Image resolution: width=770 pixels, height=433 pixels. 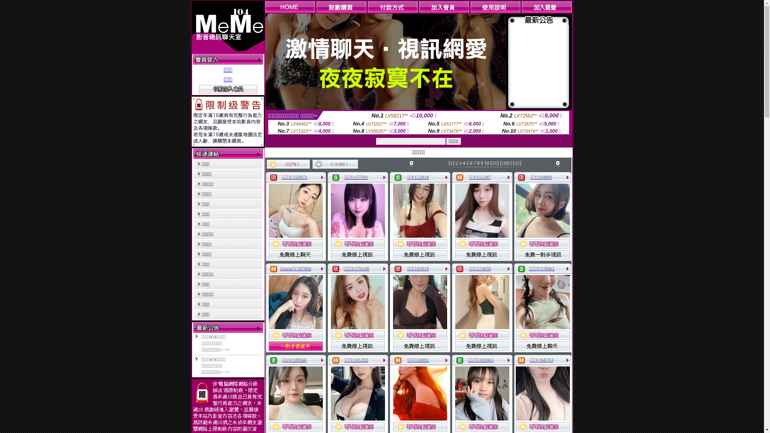 I want to click on '3', so click(x=460, y=163).